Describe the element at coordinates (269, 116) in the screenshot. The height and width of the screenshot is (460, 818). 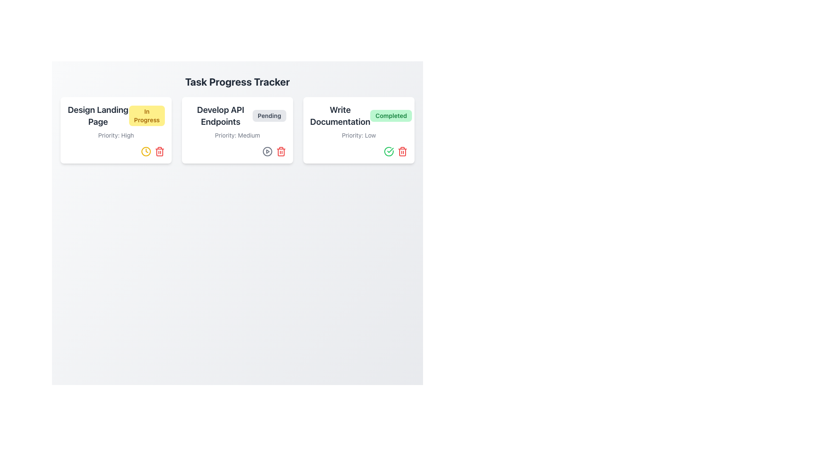
I see `the status badge indicating that the task 'Develop API Endpoints' is currently pending, located in the second card of a horizontal list of three cards` at that location.